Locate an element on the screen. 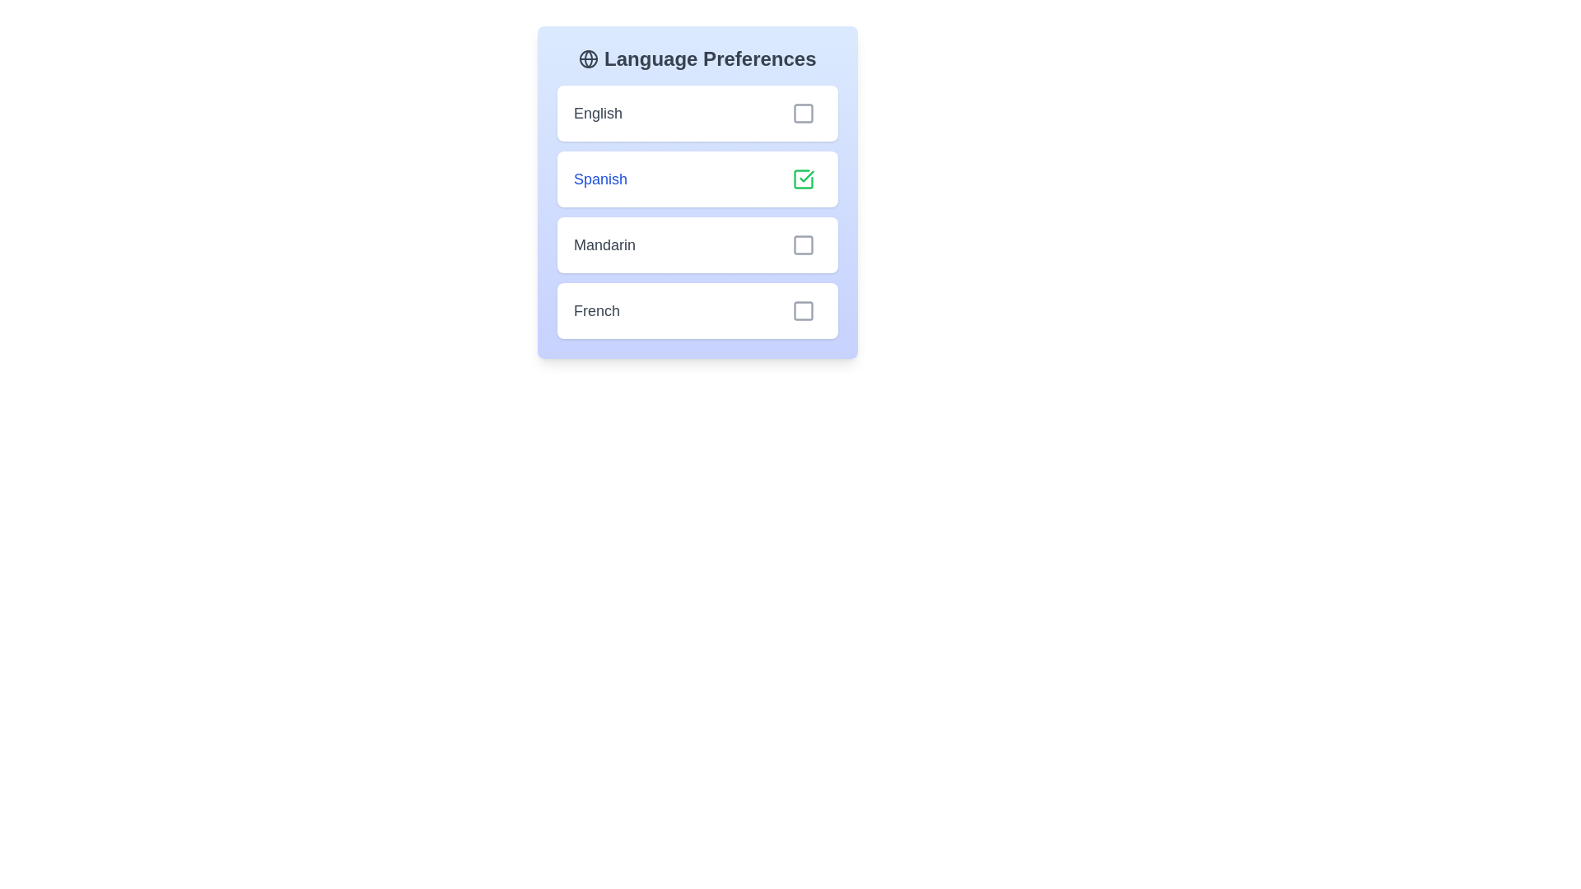 The height and width of the screenshot is (889, 1581). the toggle button located beside the 'English' language option in the 'Language Preferences' module is located at coordinates (803, 113).